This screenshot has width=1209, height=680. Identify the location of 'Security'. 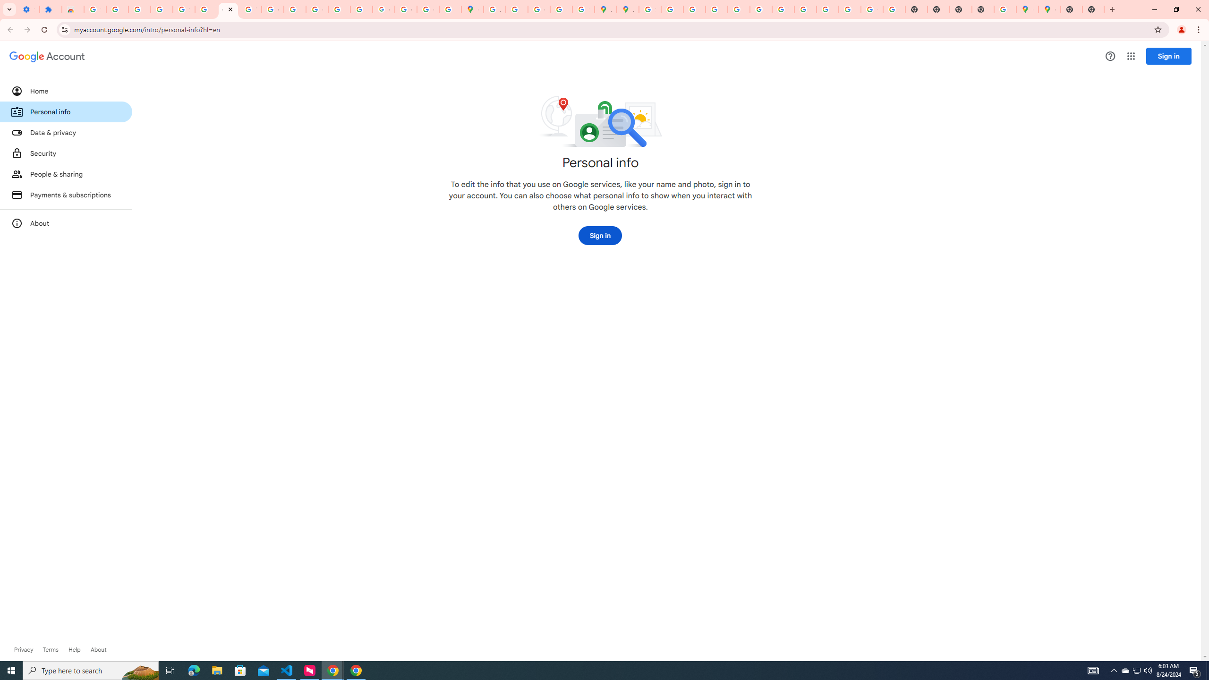
(65, 153).